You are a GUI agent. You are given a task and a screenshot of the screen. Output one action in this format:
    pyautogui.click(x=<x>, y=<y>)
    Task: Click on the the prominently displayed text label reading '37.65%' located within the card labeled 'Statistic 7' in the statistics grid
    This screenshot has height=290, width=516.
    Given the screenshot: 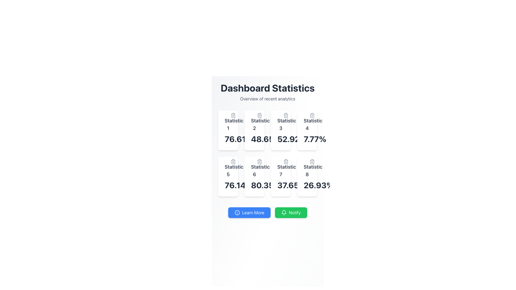 What is the action you would take?
    pyautogui.click(x=281, y=185)
    